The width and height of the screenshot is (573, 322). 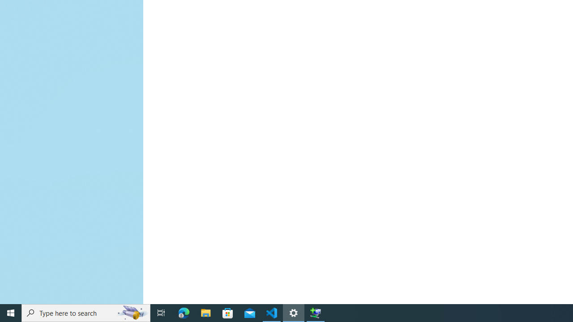 What do you see at coordinates (132, 312) in the screenshot?
I see `'Search highlights icon opens search home window'` at bounding box center [132, 312].